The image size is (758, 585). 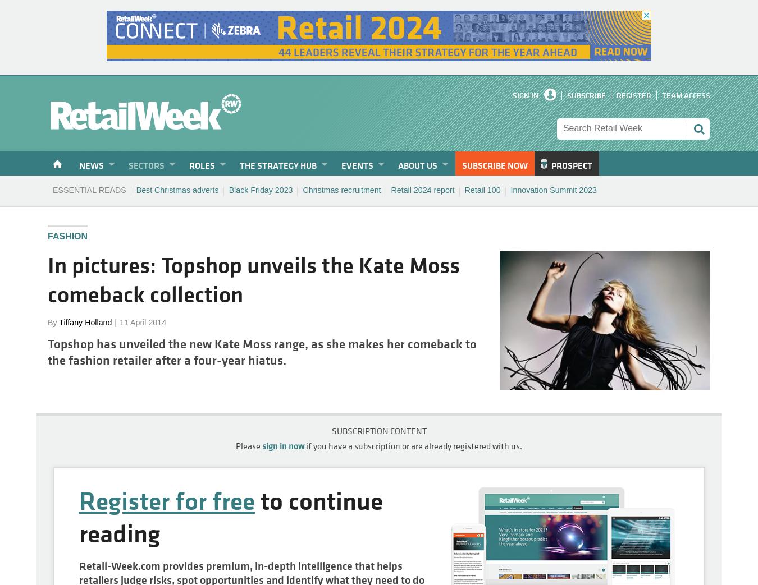 I want to click on 'Black Friday 2023', so click(x=259, y=189).